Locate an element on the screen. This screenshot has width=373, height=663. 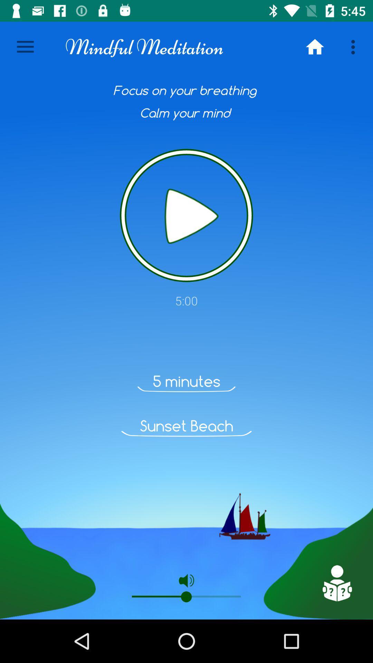
the item above the   sunset beach   item is located at coordinates (186, 381).